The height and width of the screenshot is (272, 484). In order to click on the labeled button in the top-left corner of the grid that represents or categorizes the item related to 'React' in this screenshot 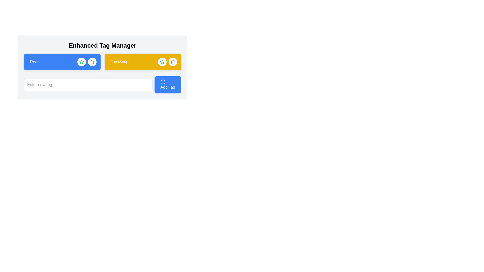, I will do `click(62, 62)`.